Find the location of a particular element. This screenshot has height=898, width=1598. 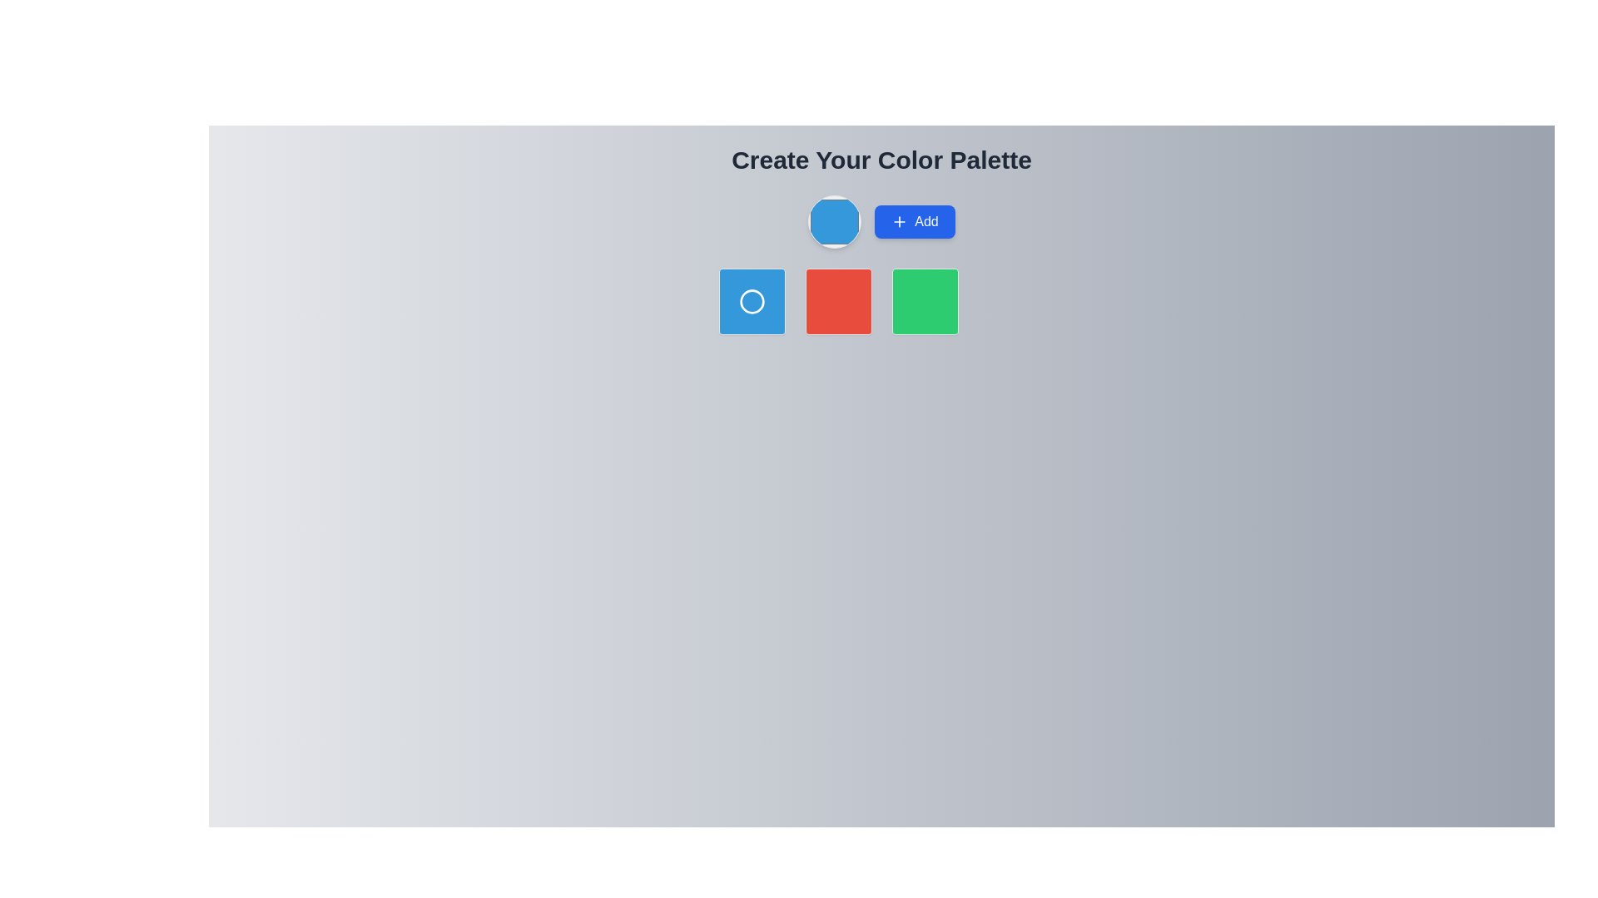

the text label displaying 'Create Your Color Palette', which is prominently styled at the top of the interface is located at coordinates (881, 160).